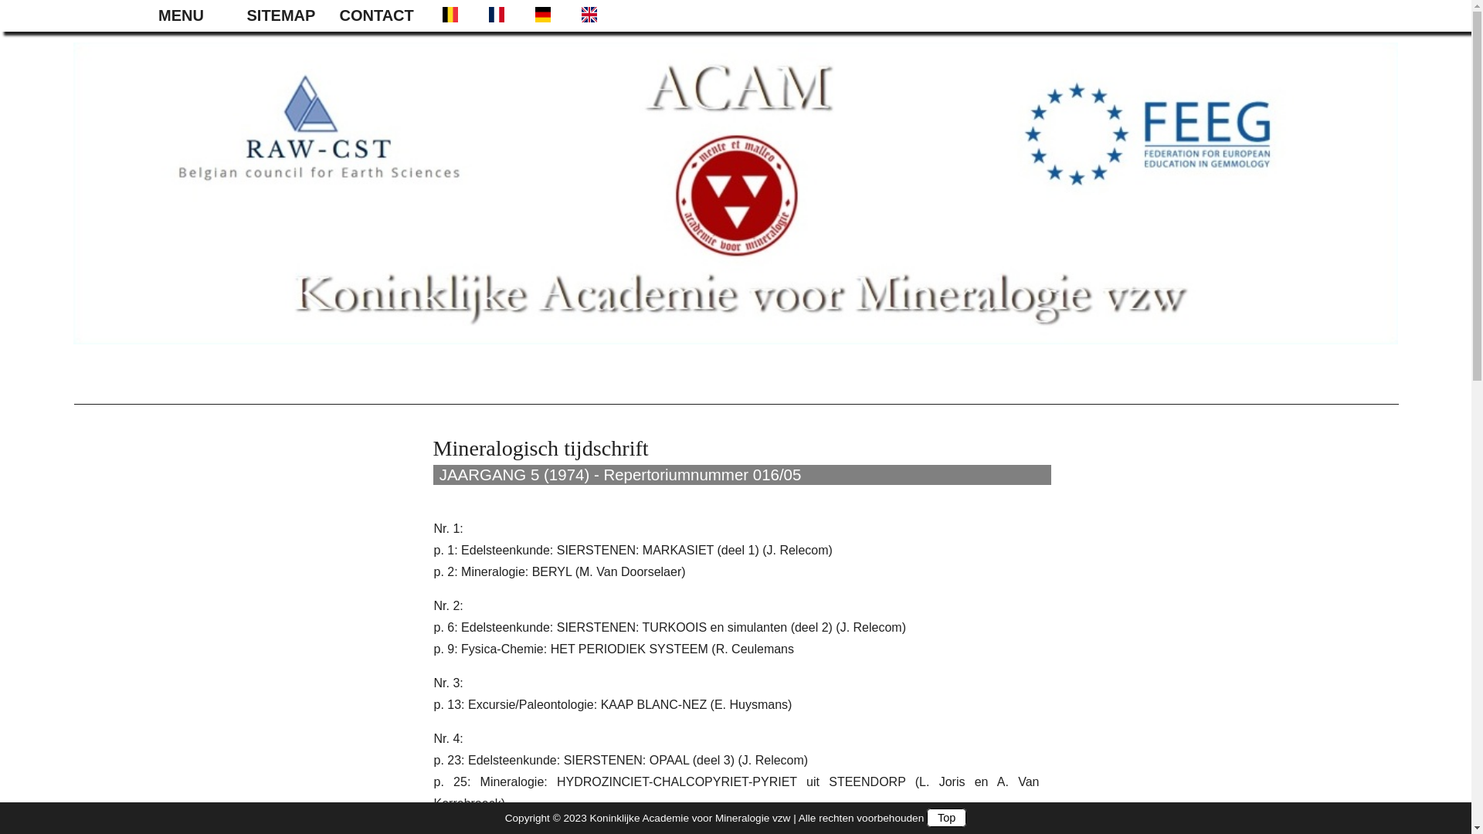 This screenshot has width=1483, height=834. Describe the element at coordinates (541, 15) in the screenshot. I see `'Kurzes Informazion in Deutsch'` at that location.